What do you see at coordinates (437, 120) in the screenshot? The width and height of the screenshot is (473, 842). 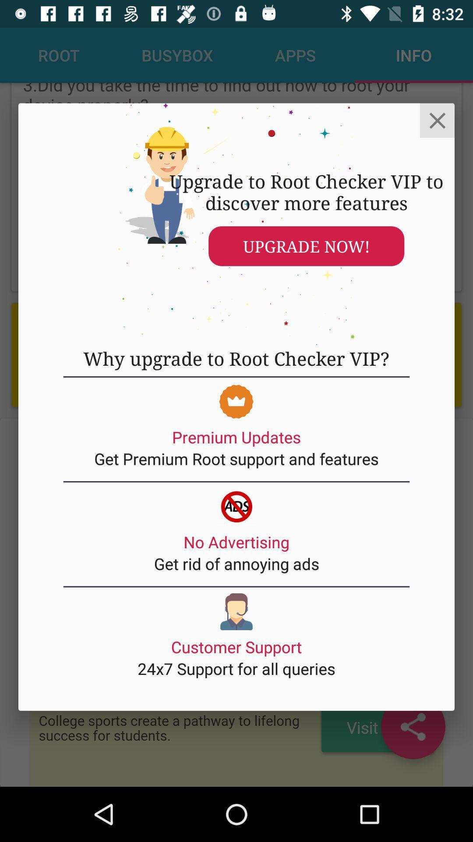 I see `the icon above the upgrade to root item` at bounding box center [437, 120].